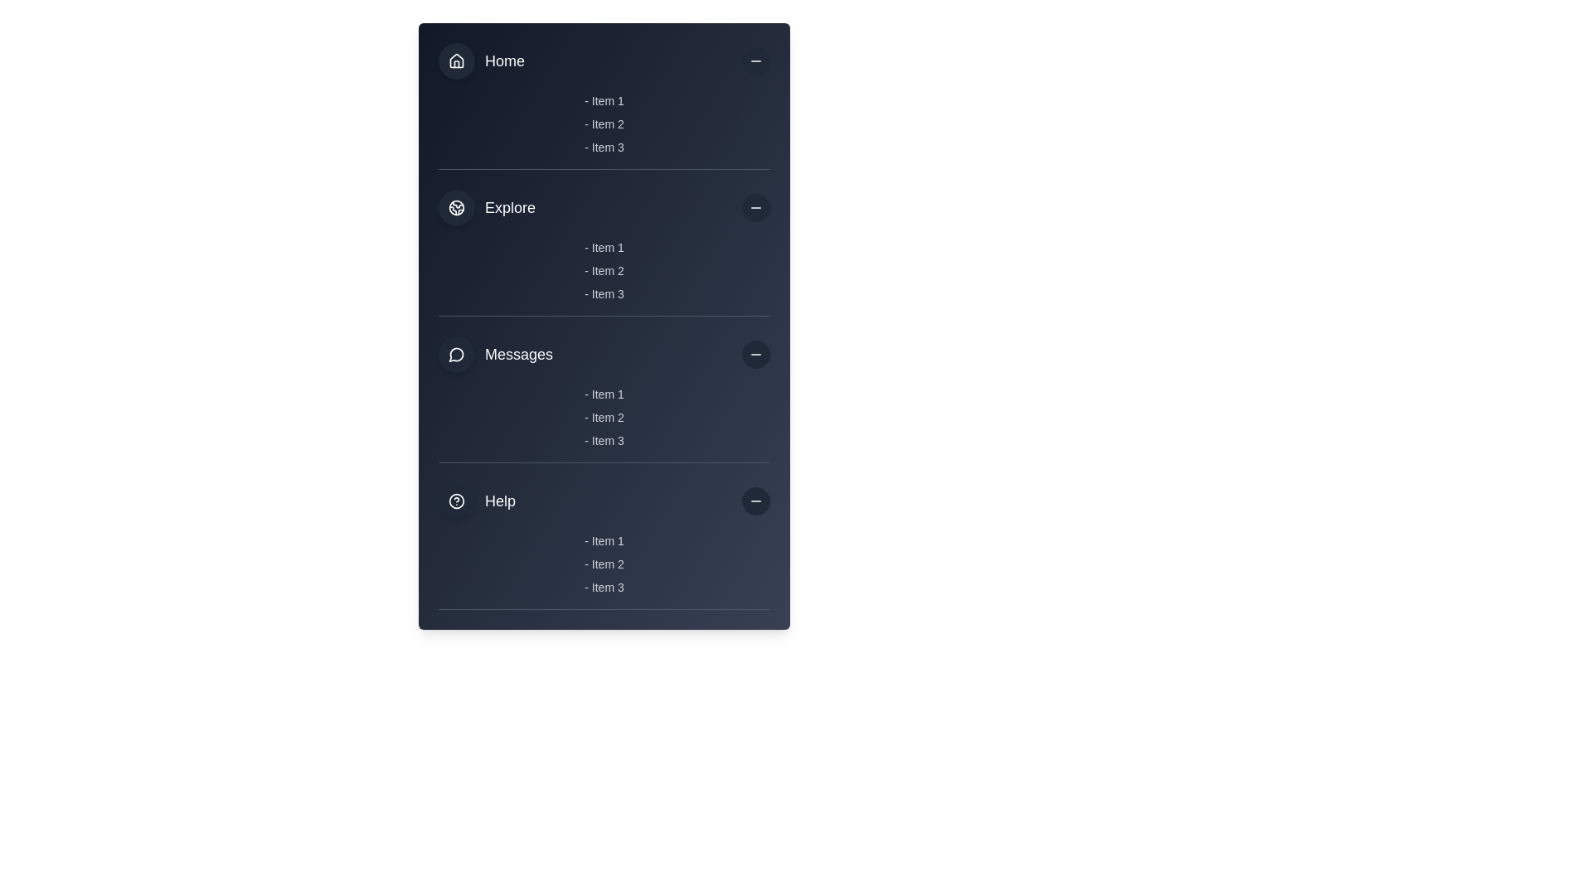  Describe the element at coordinates (495, 354) in the screenshot. I see `the 'Messages' sidebar menu item` at that location.